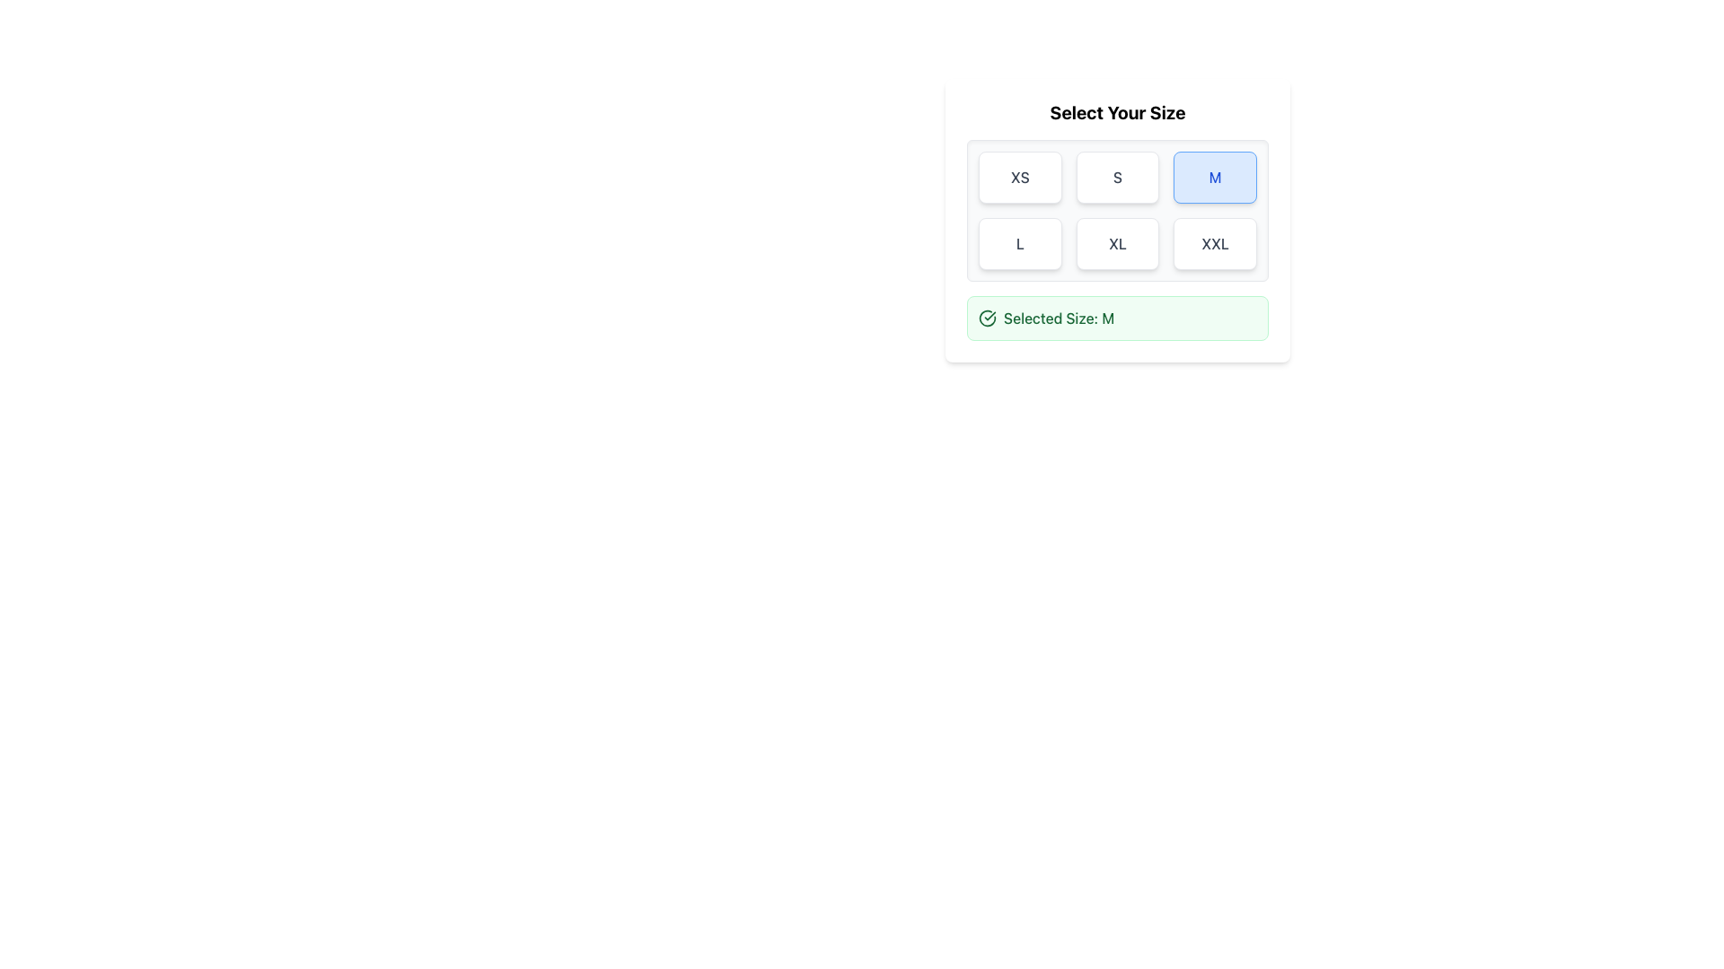  What do you see at coordinates (1215, 177) in the screenshot?
I see `the size selection button labeled 'M', which is a rectangular button with a light blue background and a rounded border` at bounding box center [1215, 177].